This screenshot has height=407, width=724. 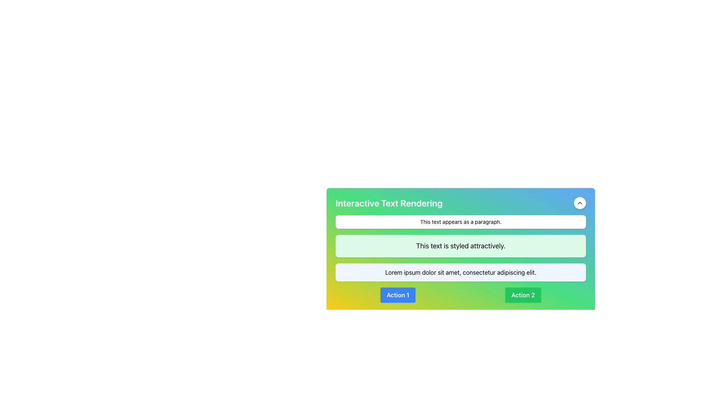 I want to click on the upward-pointing chevron icon located within the circular button at the top-right corner of the interface, so click(x=579, y=203).